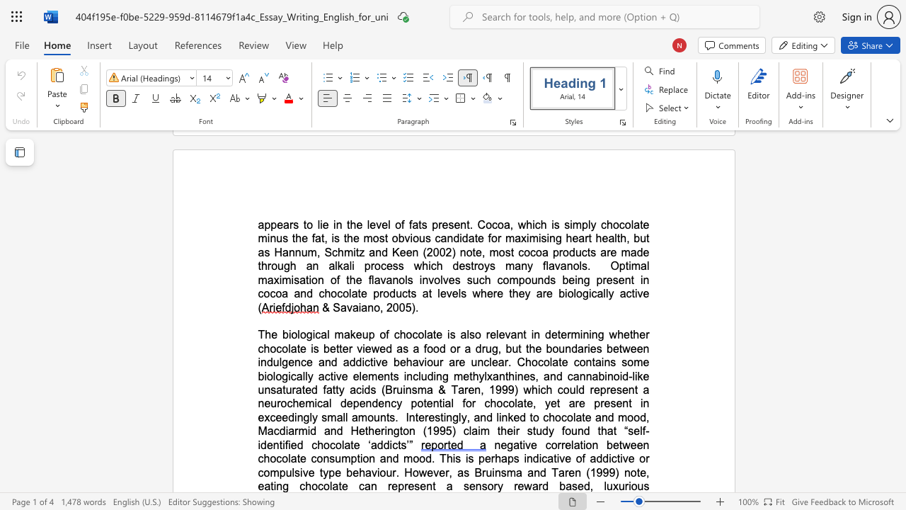 The width and height of the screenshot is (906, 510). What do you see at coordinates (403, 472) in the screenshot?
I see `the subset text "However, as Bruinsma and Tare" within the text "of addictive or compulsive type behaviour. However, as Bruinsma and Taren (1999) note, eating chocolate can"` at bounding box center [403, 472].